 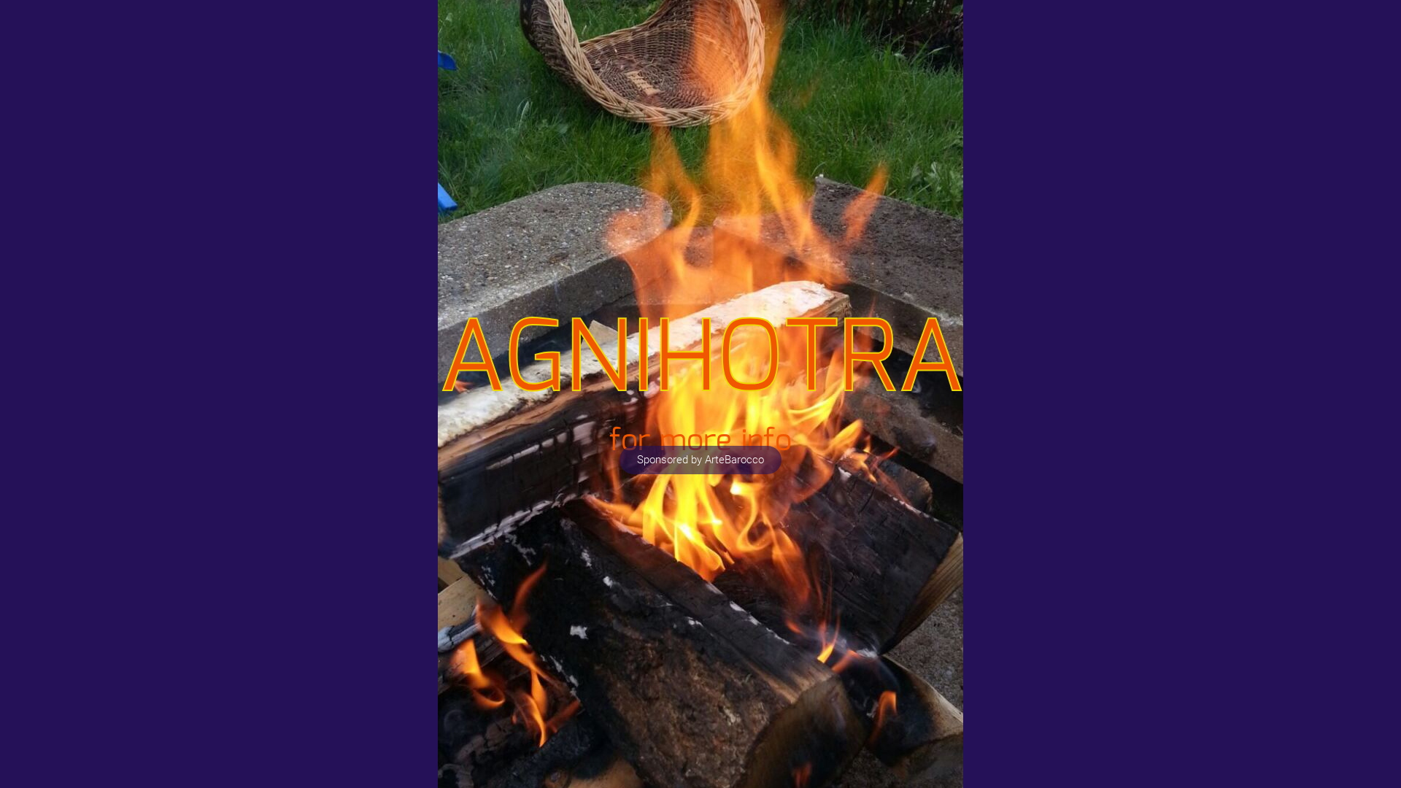 What do you see at coordinates (700, 460) in the screenshot?
I see `'Sponsored by ArteBarocco'` at bounding box center [700, 460].